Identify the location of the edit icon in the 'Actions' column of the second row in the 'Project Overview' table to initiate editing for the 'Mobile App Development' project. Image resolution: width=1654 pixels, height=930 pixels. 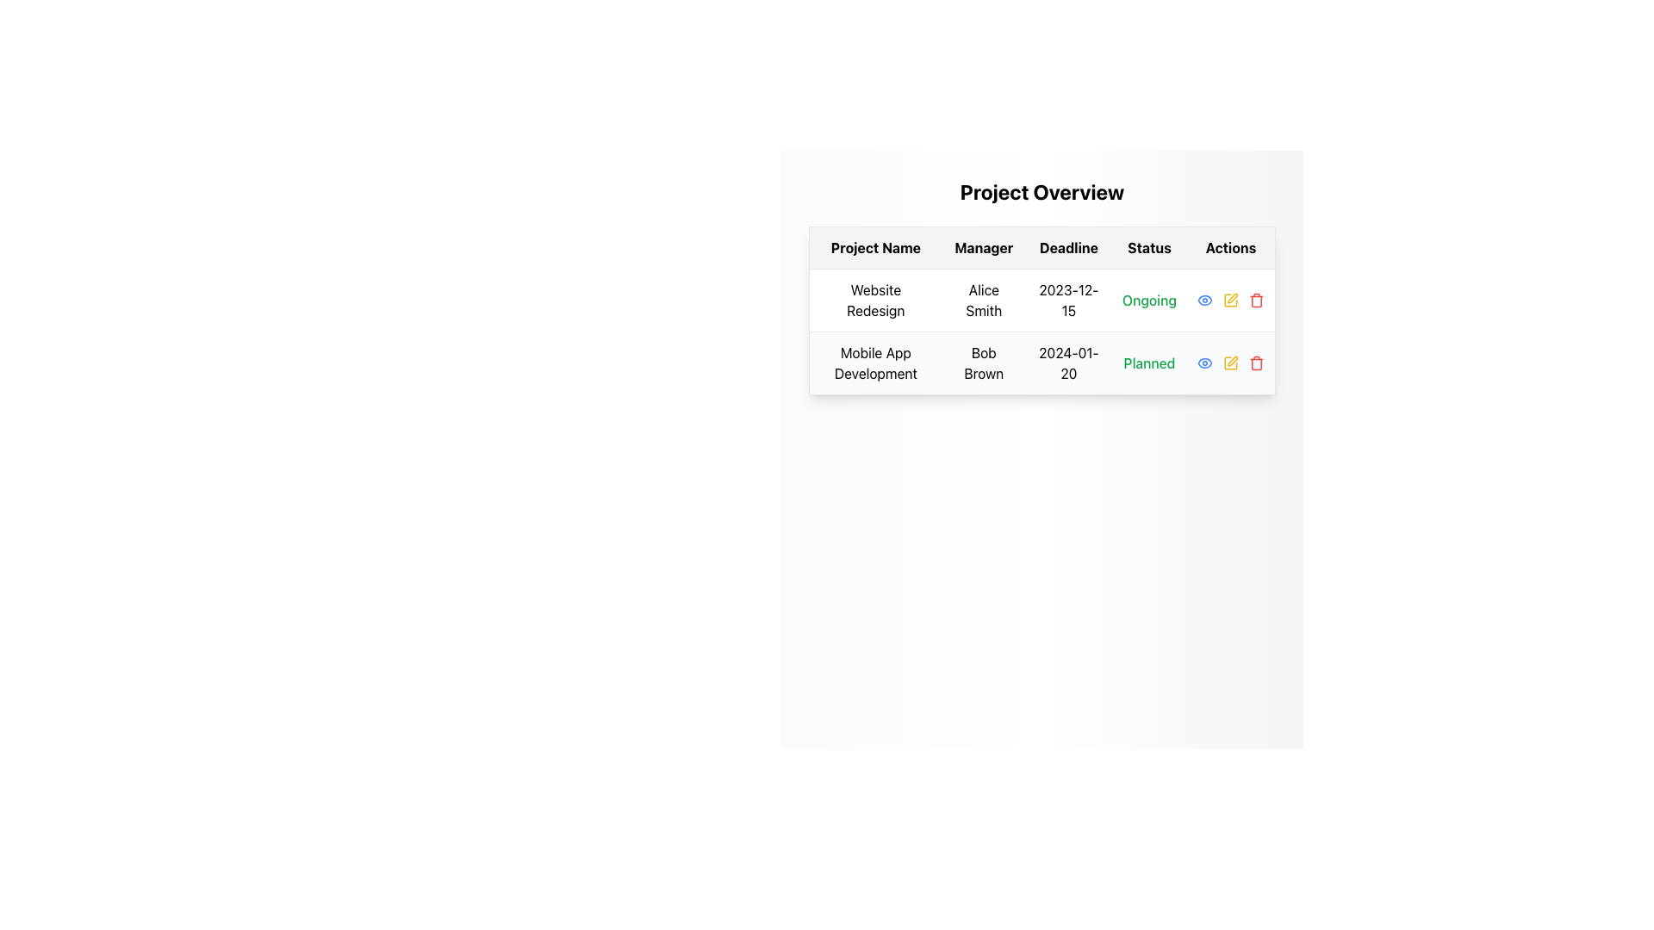
(1231, 297).